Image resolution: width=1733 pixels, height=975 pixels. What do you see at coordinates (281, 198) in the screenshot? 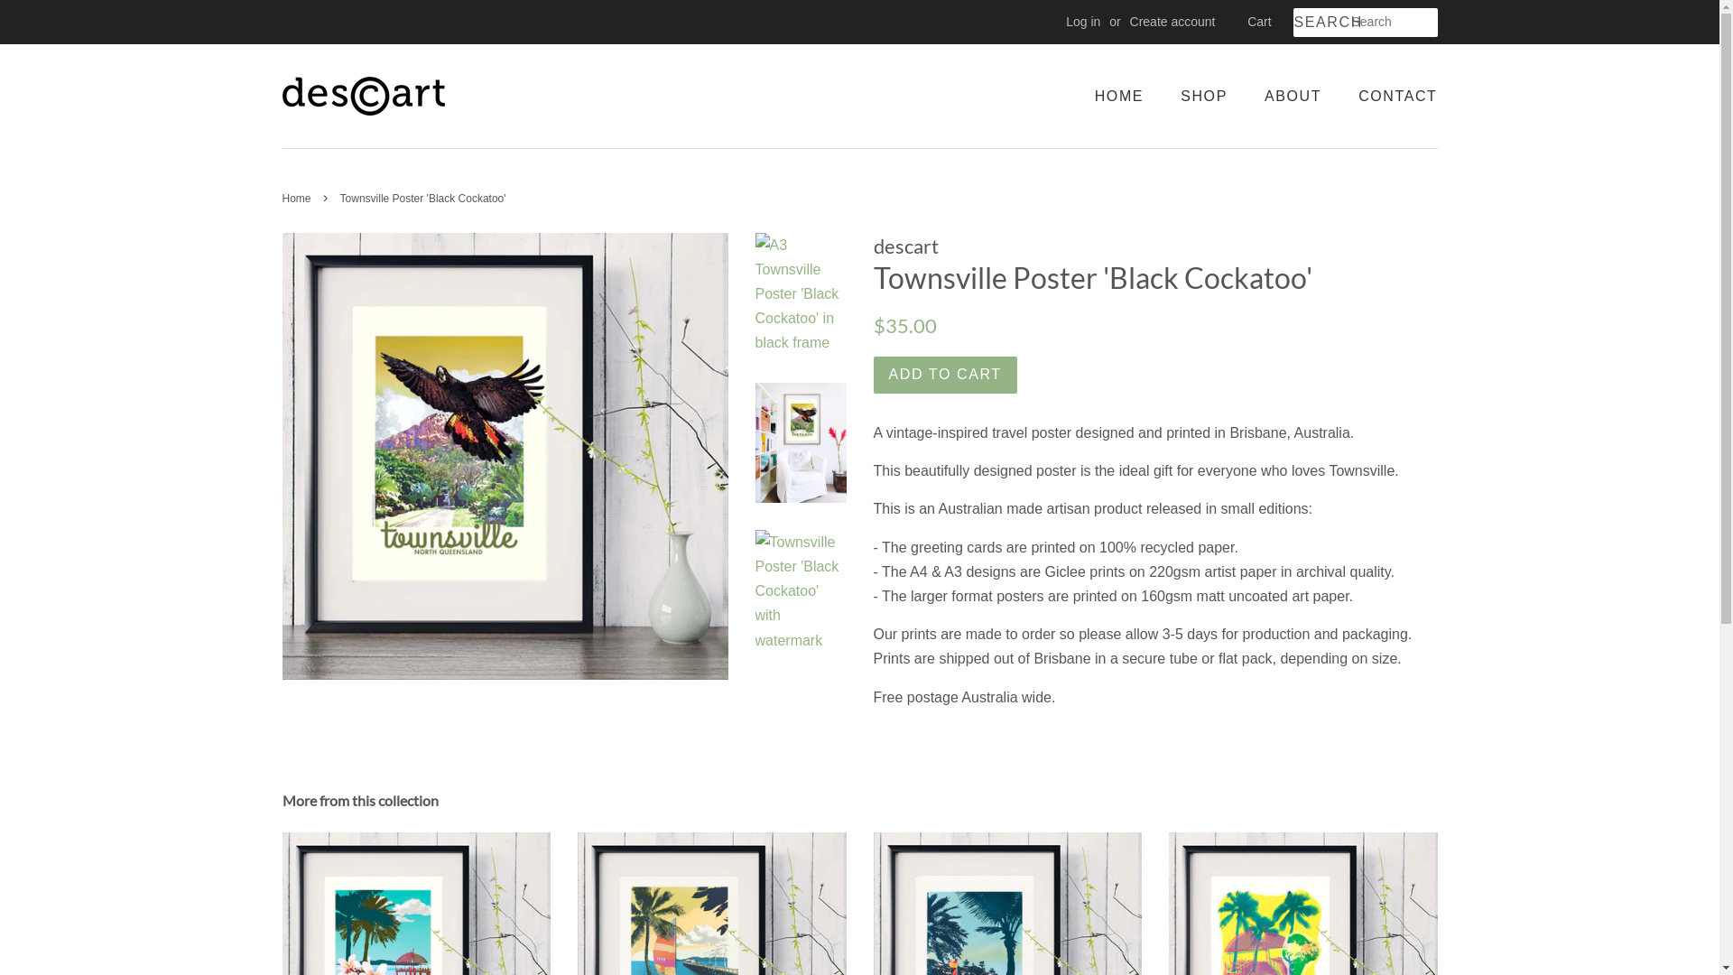
I see `'Home'` at bounding box center [281, 198].